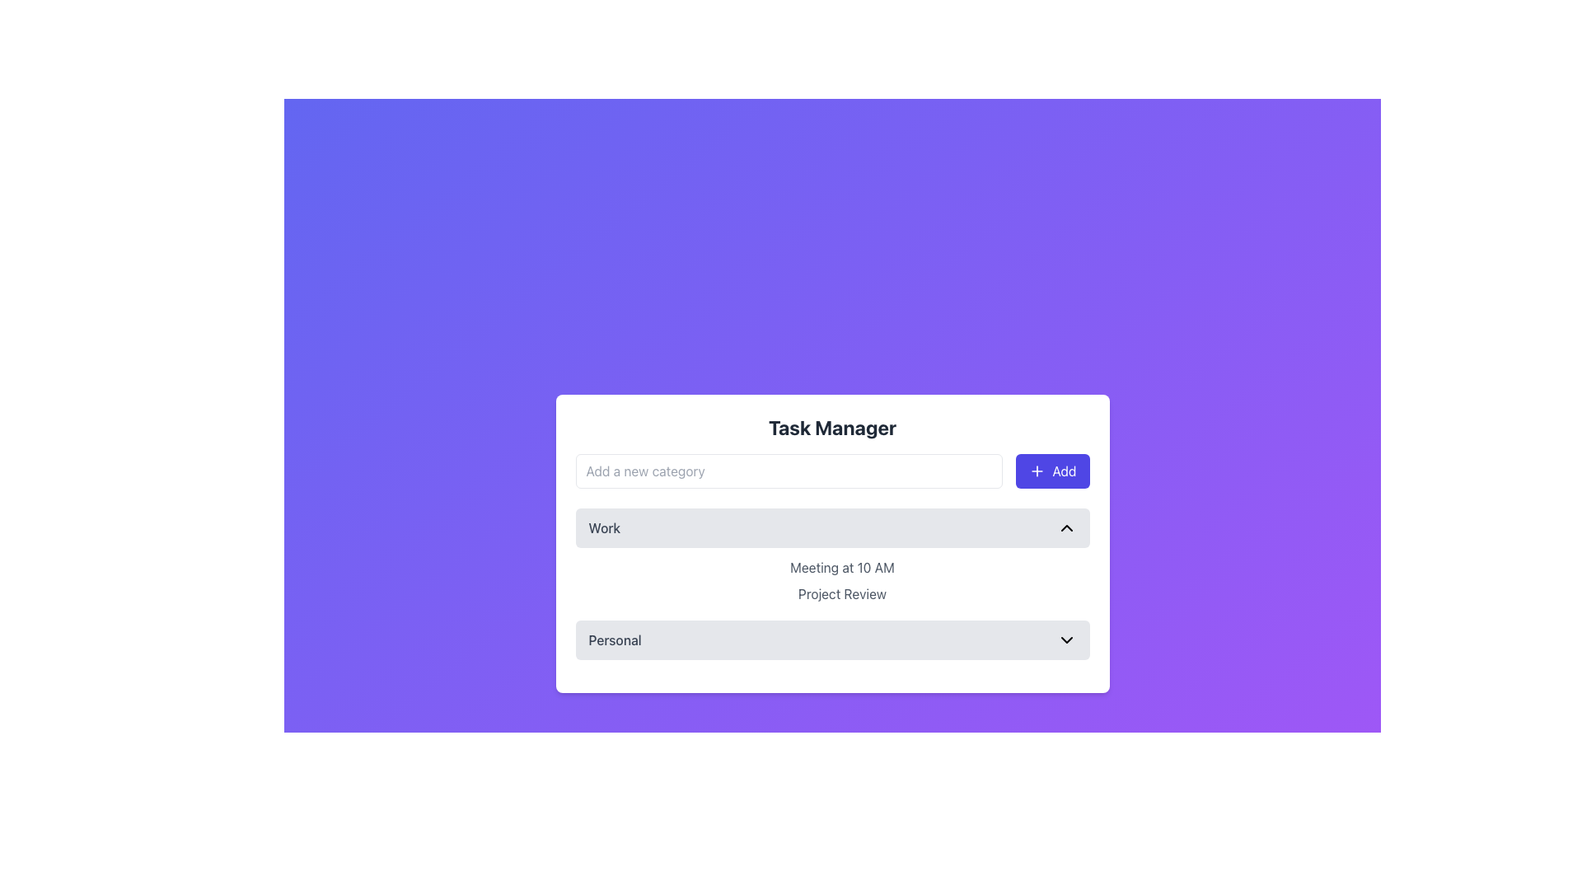  What do you see at coordinates (832, 639) in the screenshot?
I see `the dropdown selector labeled 'Personal' located at the bottom of the 'Task Manager' panel` at bounding box center [832, 639].